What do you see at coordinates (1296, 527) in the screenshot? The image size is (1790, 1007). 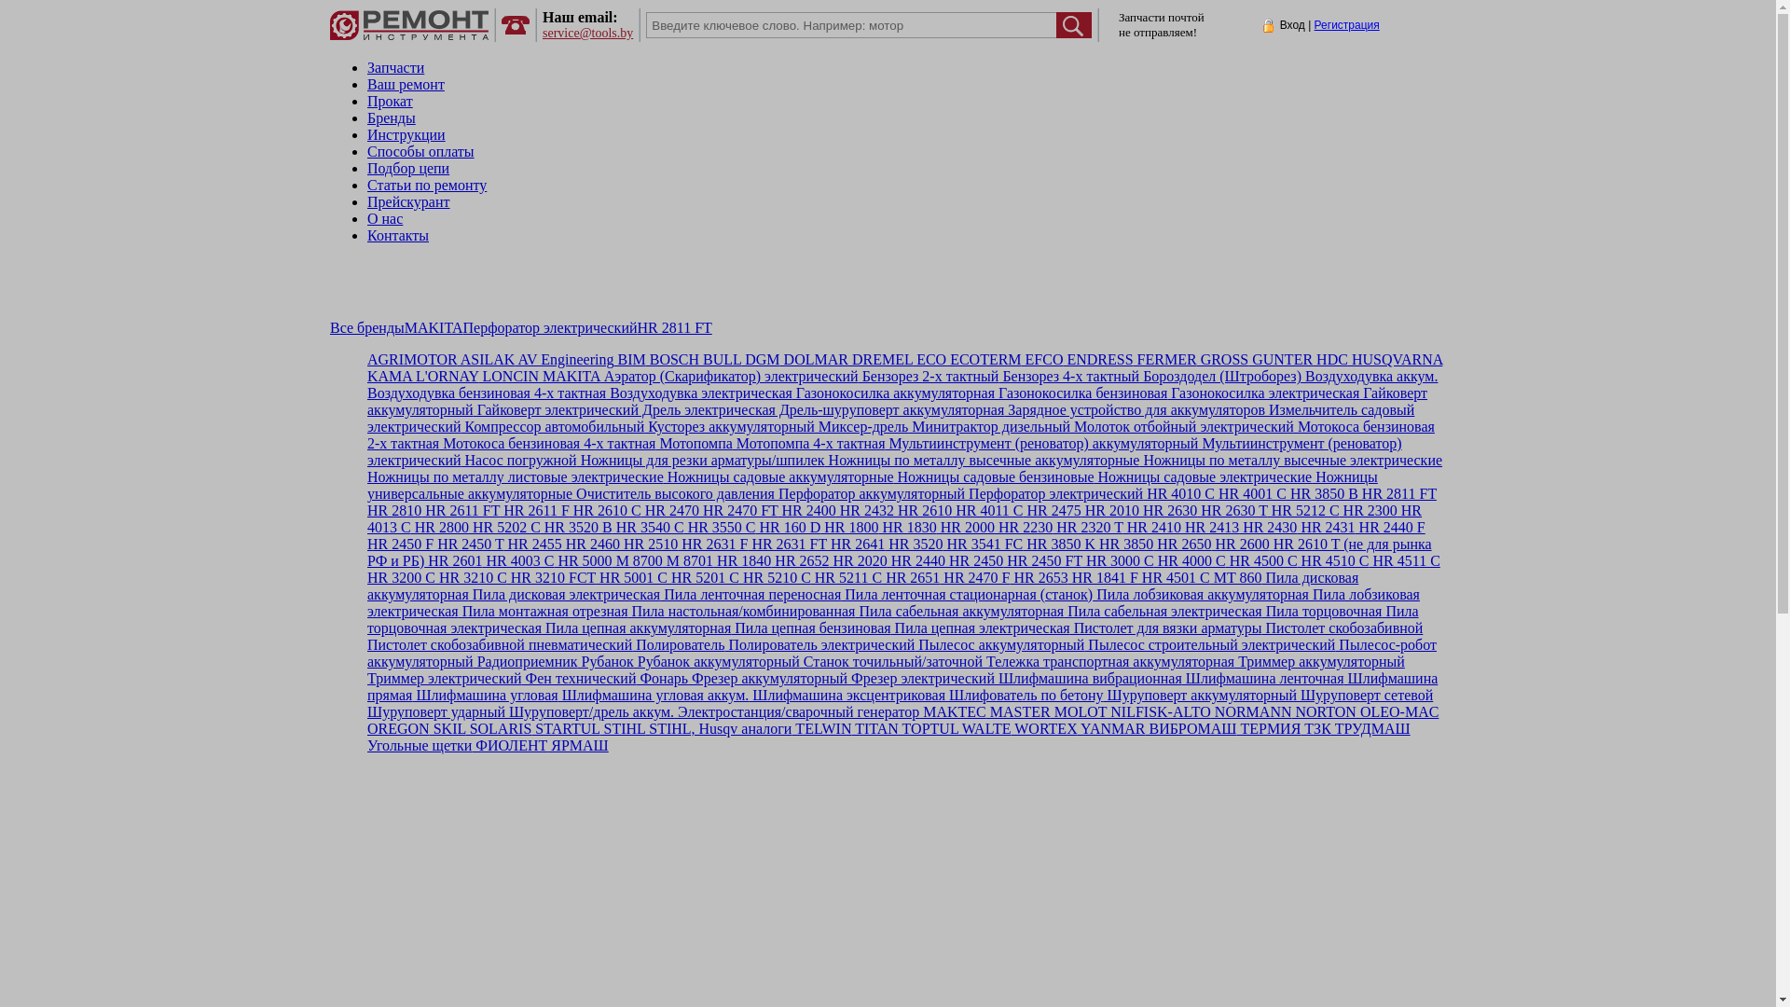 I see `'HR 2431'` at bounding box center [1296, 527].